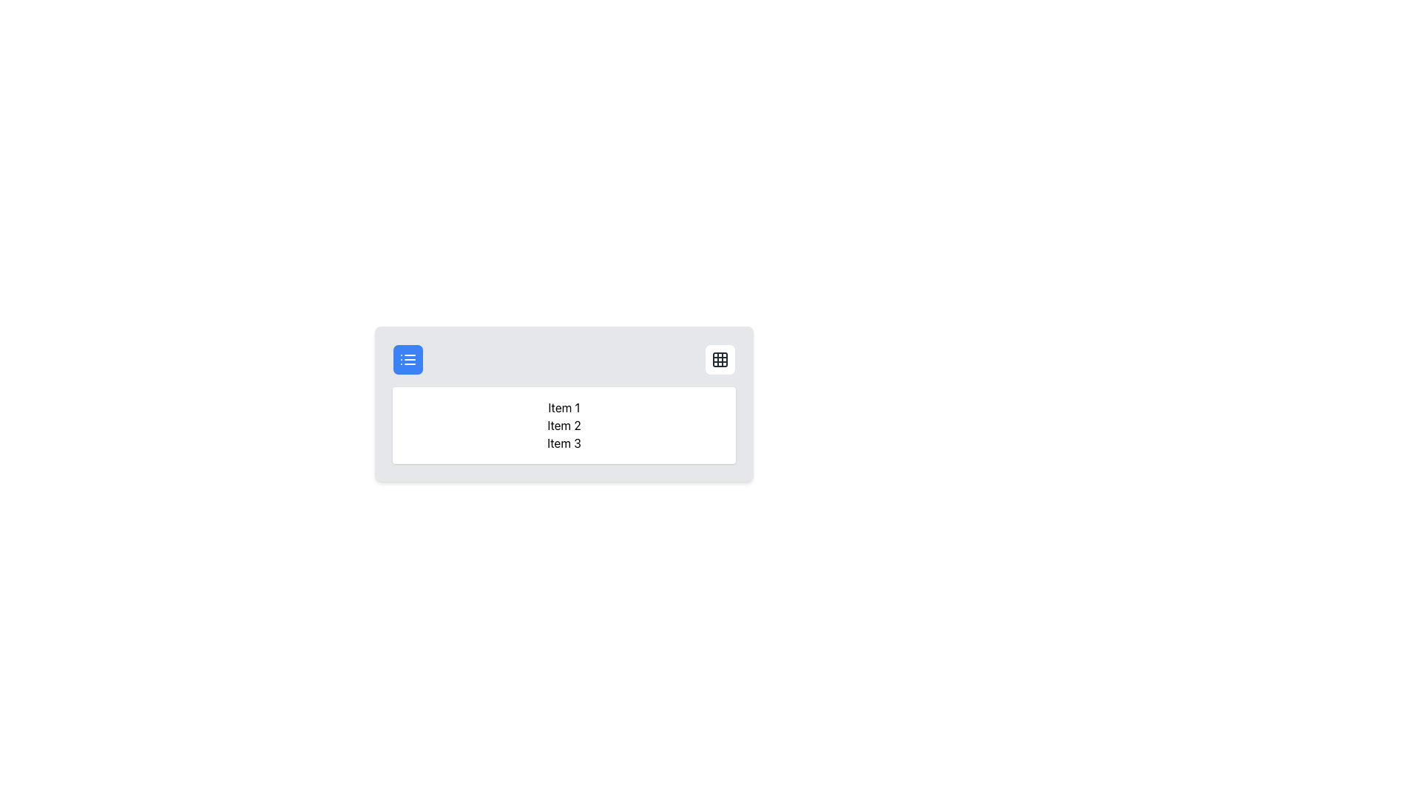 The image size is (1420, 798). What do you see at coordinates (564, 407) in the screenshot?
I see `the text label representing the first item in the list, which is displayed at the top-middle region of the interface` at bounding box center [564, 407].